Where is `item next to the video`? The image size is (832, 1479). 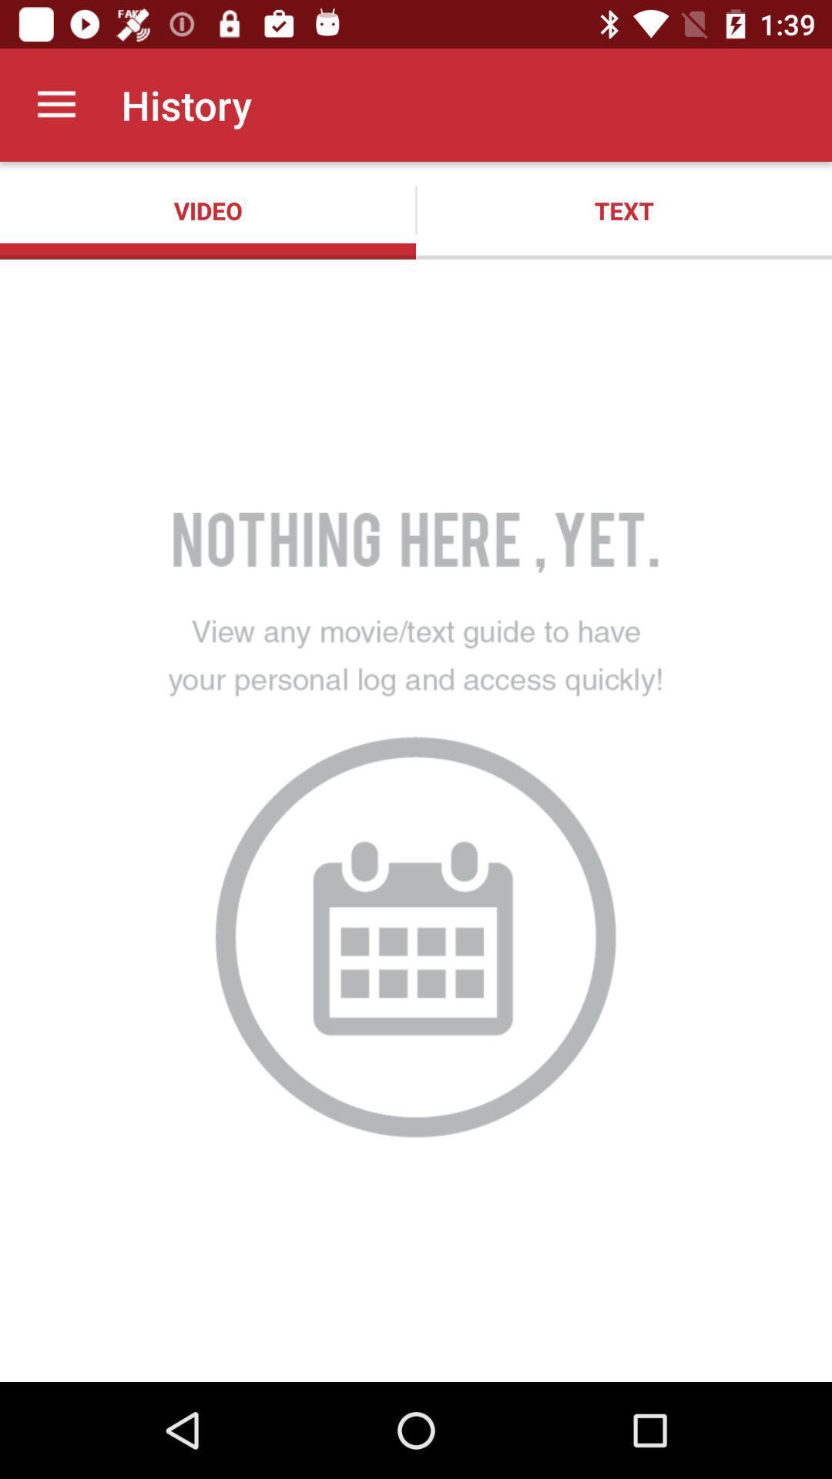
item next to the video is located at coordinates (624, 210).